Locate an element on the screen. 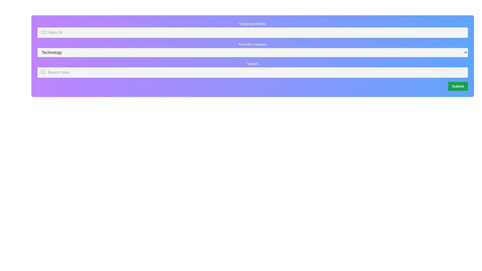 This screenshot has height=271, width=482. an option from the dropdown menu labeled 'Favorite Category' located below the address input field and above the search box is located at coordinates (253, 52).